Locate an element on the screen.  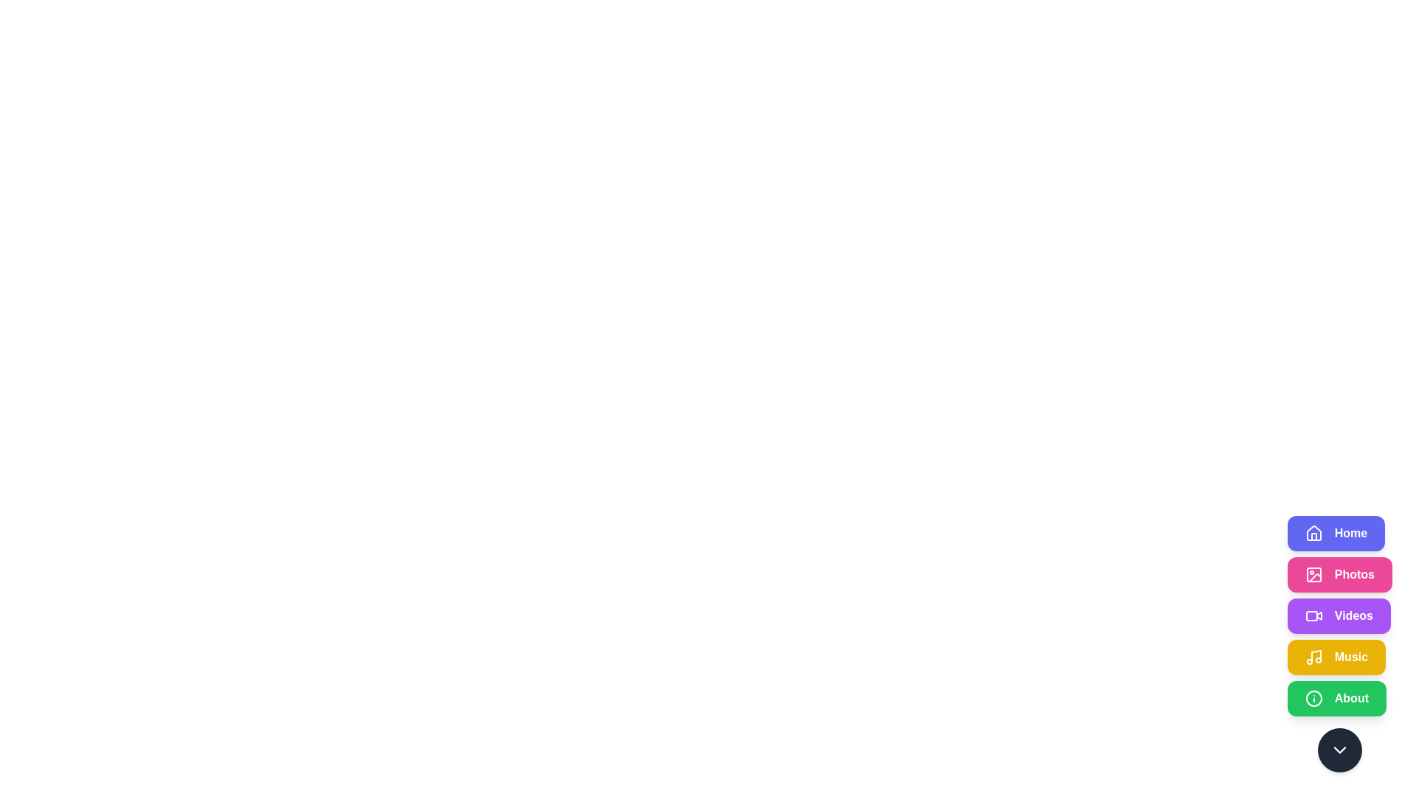
the Photos button to observe its hover effect is located at coordinates (1339, 573).